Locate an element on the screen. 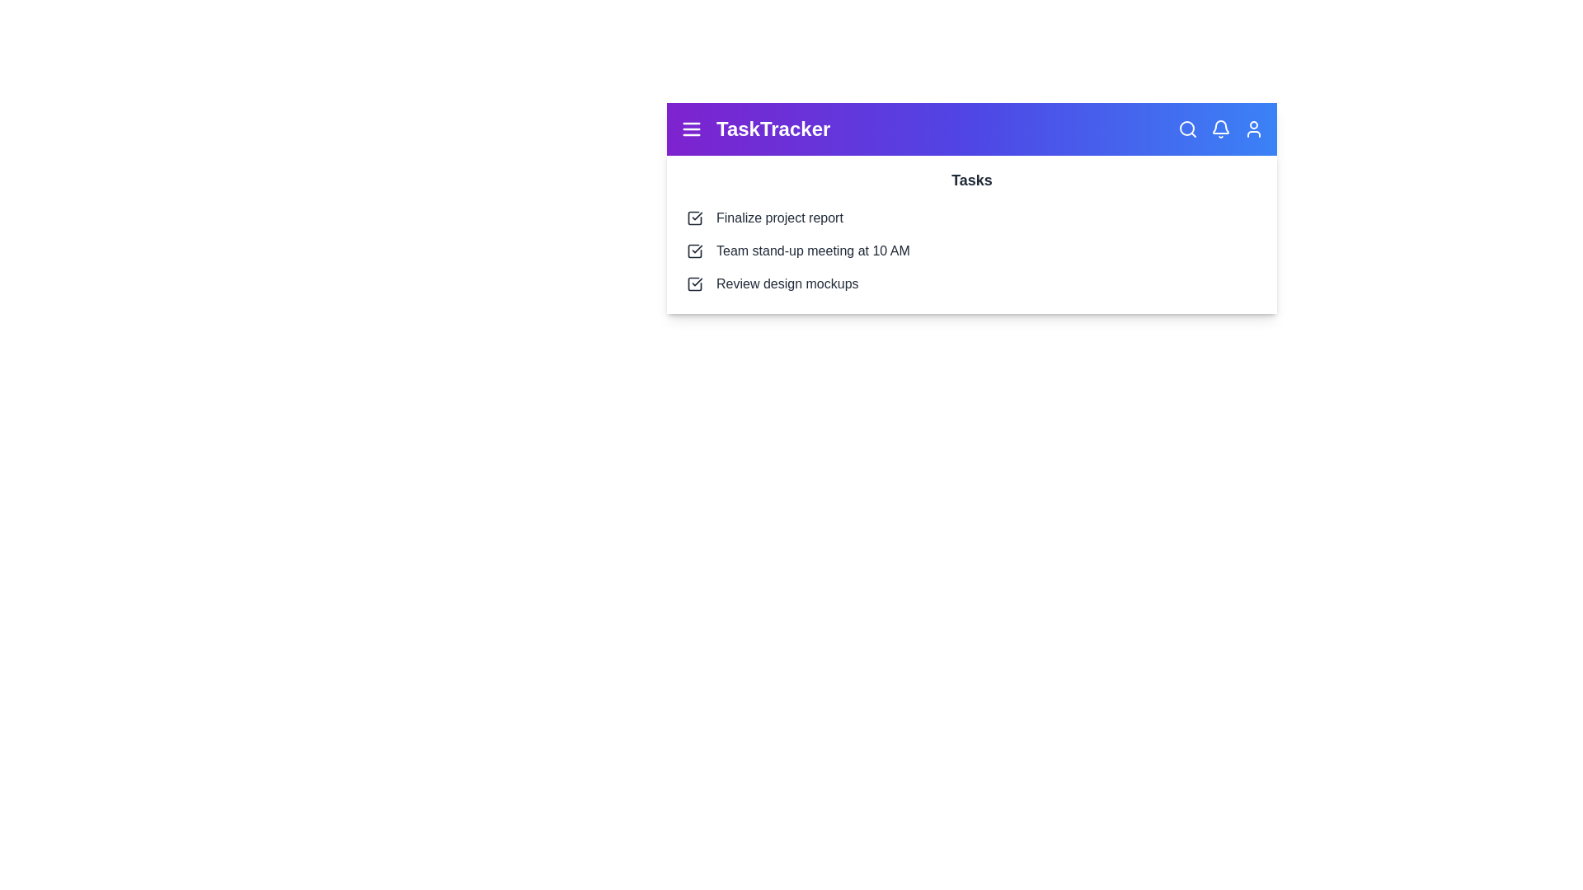 The height and width of the screenshot is (890, 1583). the menu icon to toggle the dropdown menu is located at coordinates (692, 129).